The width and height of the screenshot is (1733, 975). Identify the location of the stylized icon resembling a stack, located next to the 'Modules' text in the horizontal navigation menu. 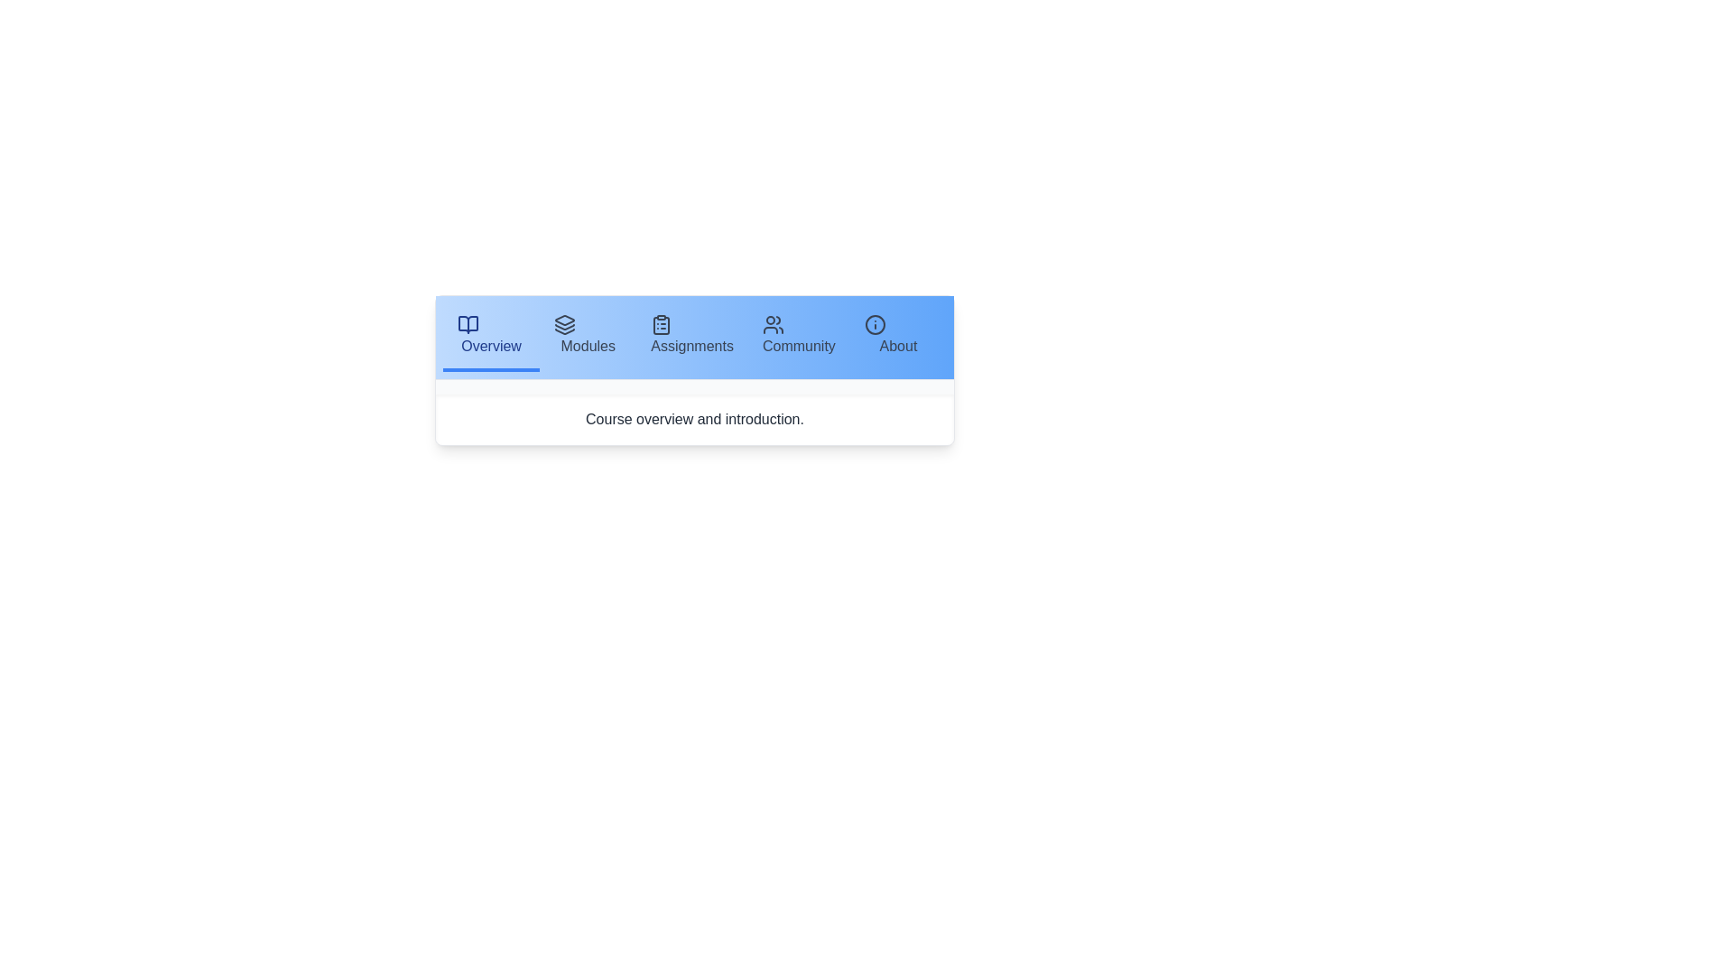
(564, 323).